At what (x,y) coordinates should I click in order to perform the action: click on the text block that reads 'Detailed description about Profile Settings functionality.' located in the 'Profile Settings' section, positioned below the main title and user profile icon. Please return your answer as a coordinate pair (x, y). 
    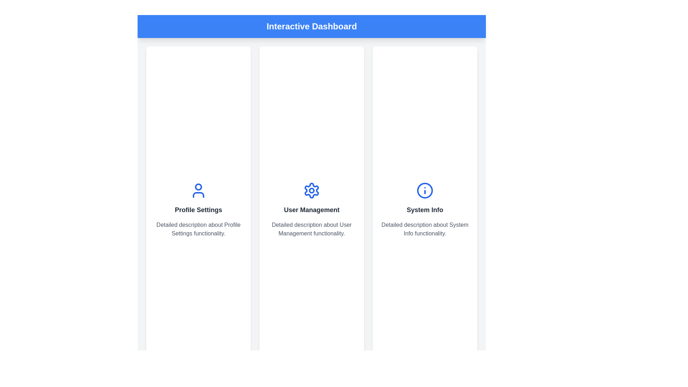
    Looking at the image, I should click on (198, 229).